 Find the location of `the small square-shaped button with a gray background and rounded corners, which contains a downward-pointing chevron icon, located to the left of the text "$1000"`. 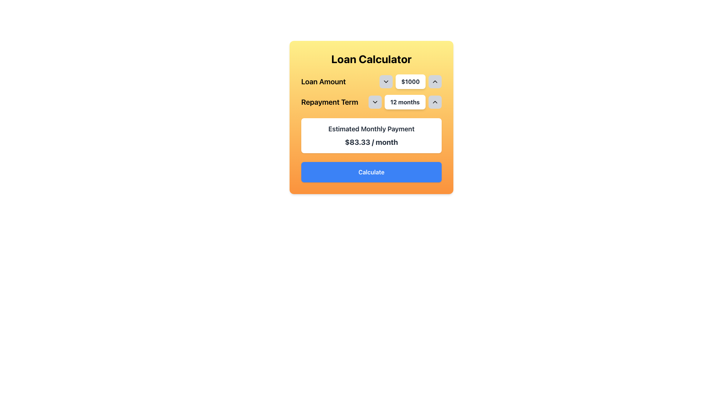

the small square-shaped button with a gray background and rounded corners, which contains a downward-pointing chevron icon, located to the left of the text "$1000" is located at coordinates (385, 81).